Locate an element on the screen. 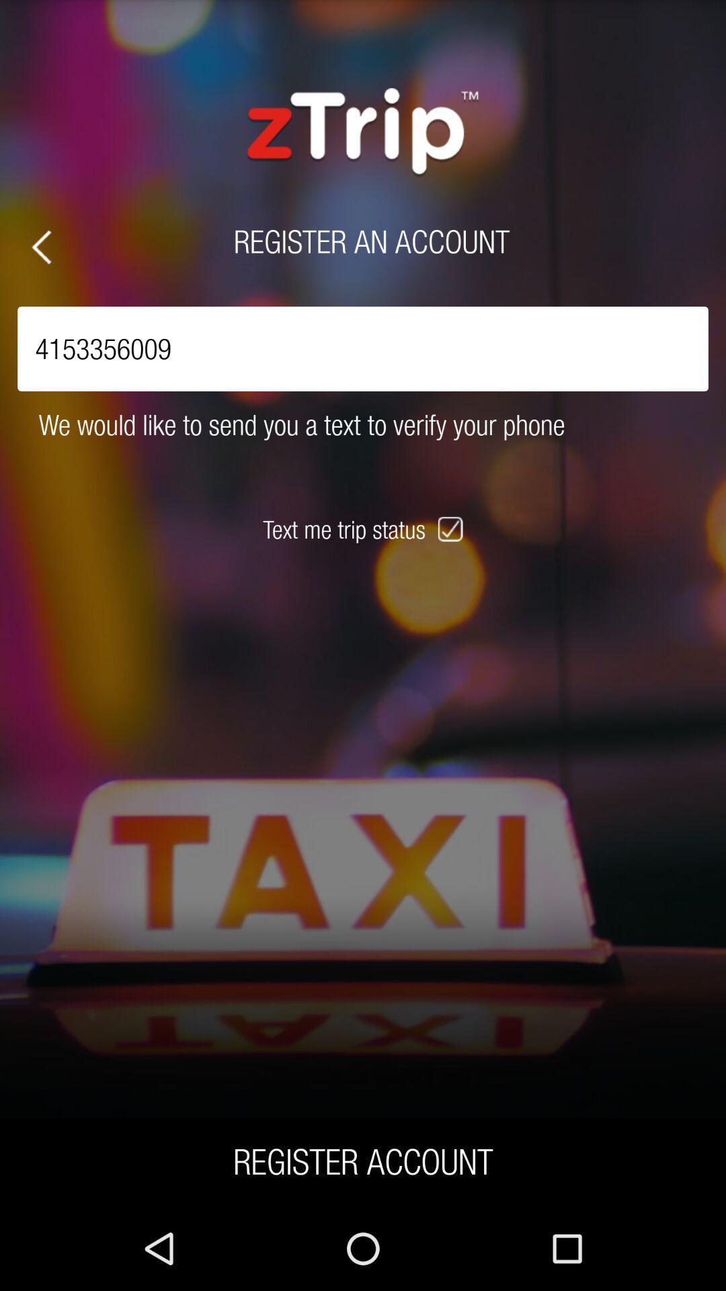 The height and width of the screenshot is (1291, 726). item next to the register an account item is located at coordinates (40, 247).